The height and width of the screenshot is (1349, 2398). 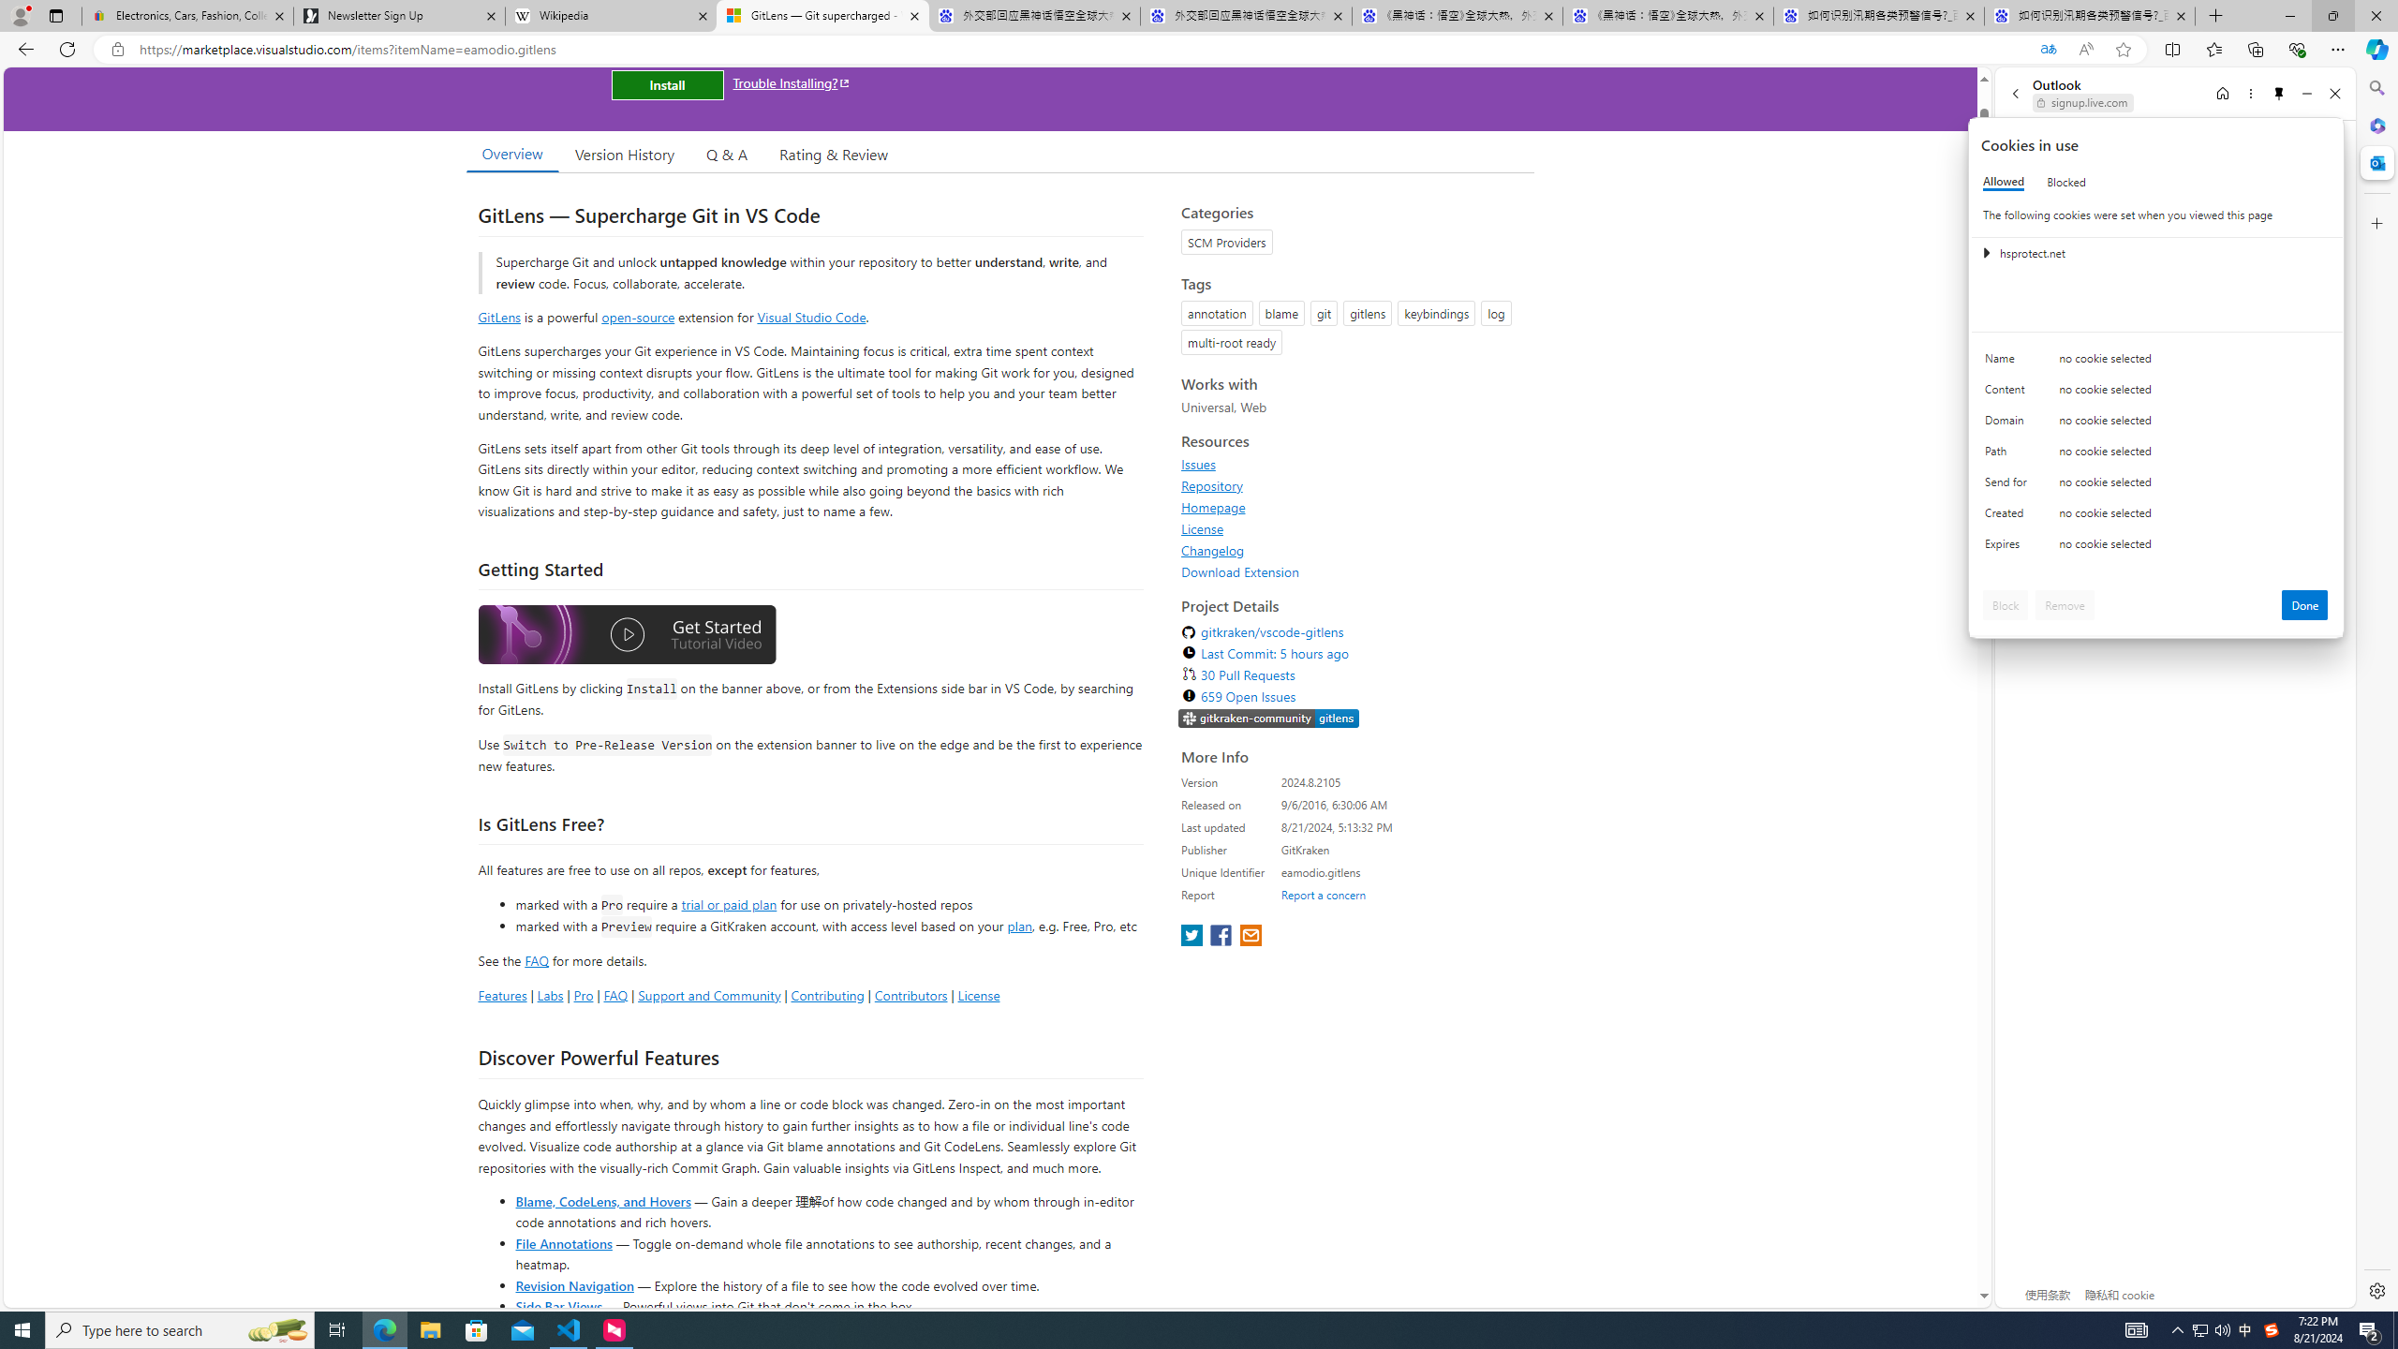 I want to click on 'Path', so click(x=2008, y=455).